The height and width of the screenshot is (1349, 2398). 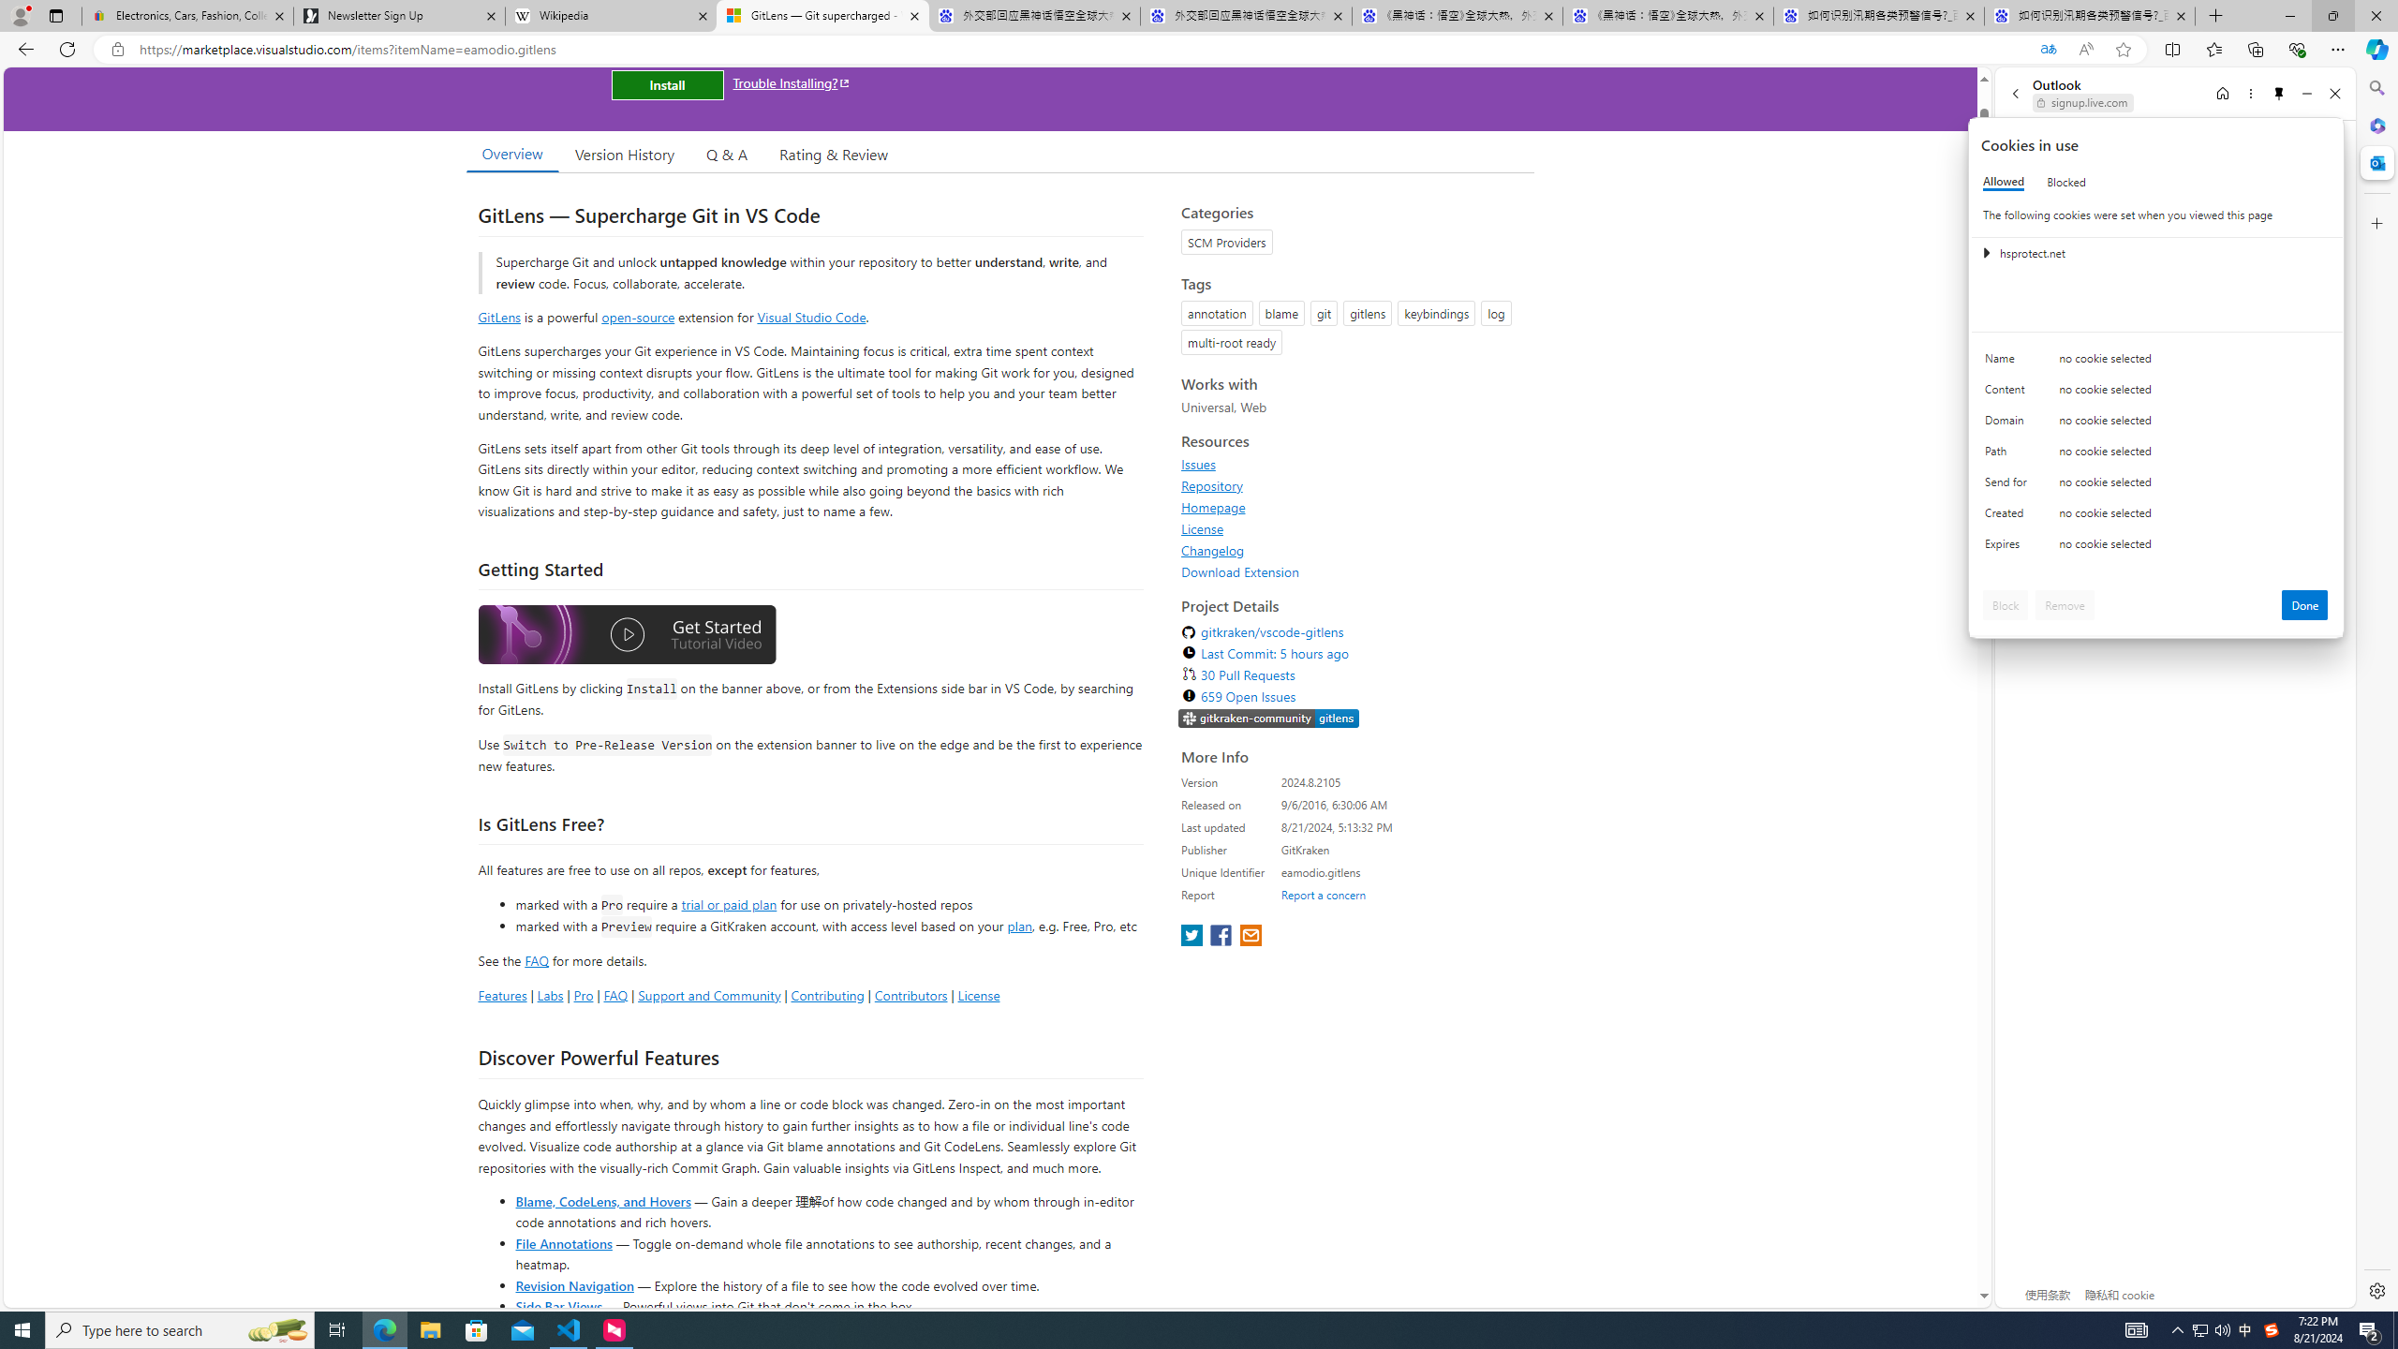 I want to click on 'Path', so click(x=2008, y=455).